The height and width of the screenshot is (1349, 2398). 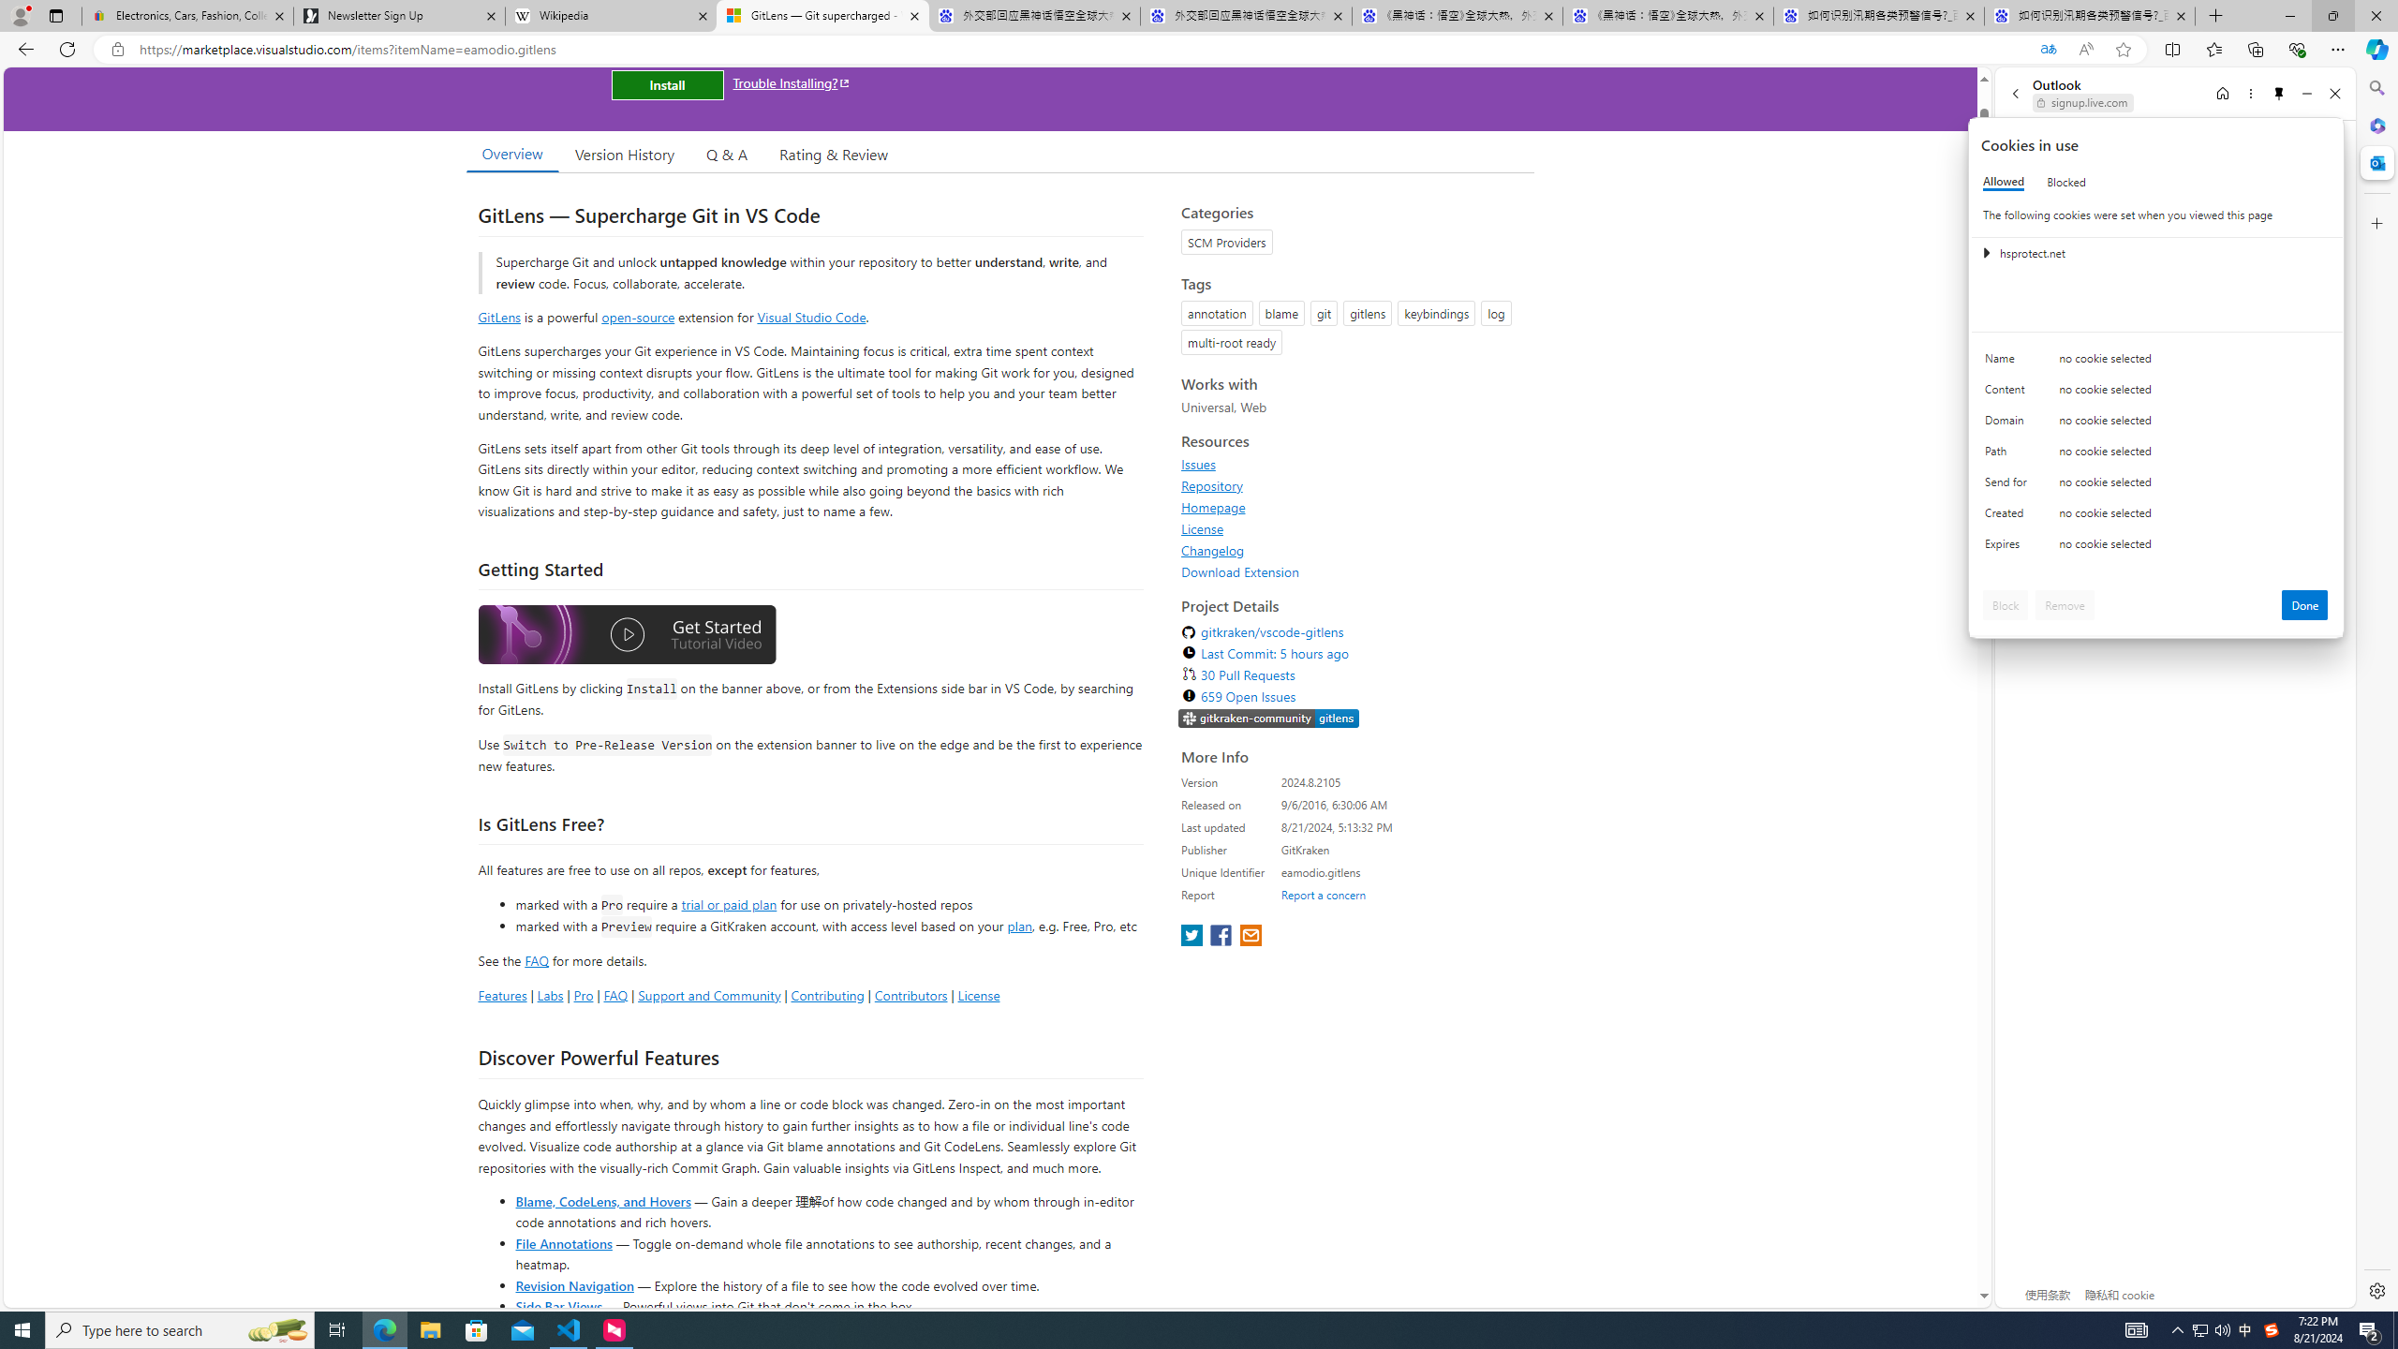 I want to click on 'Path', so click(x=2008, y=455).